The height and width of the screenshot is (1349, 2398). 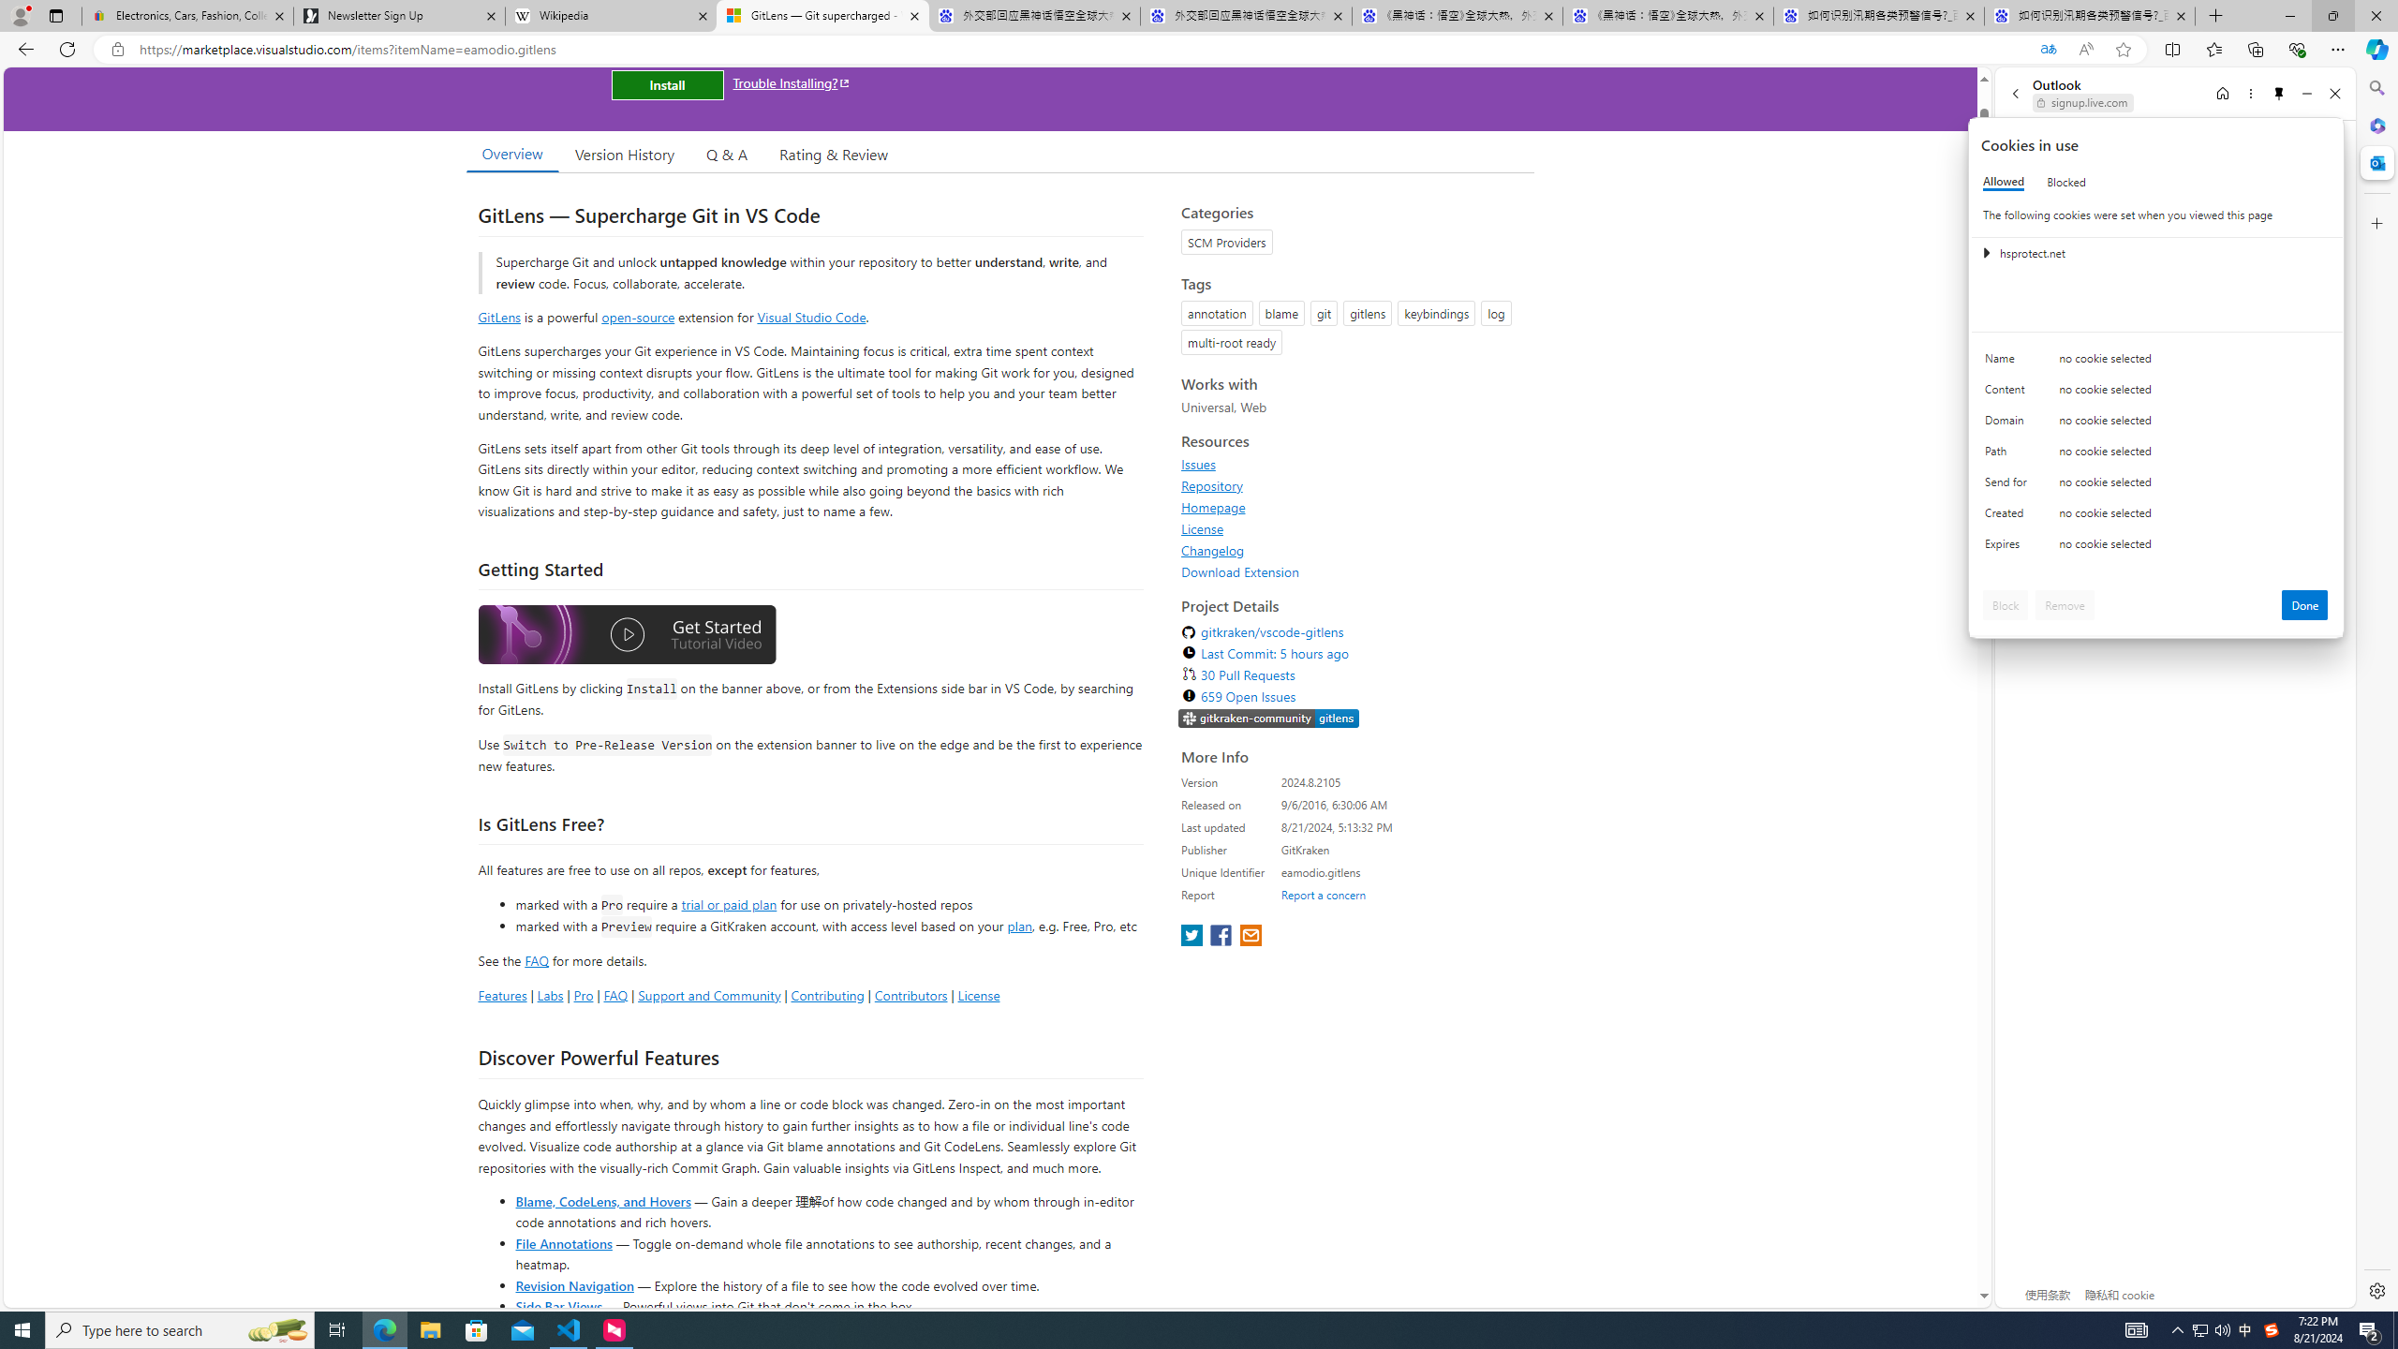 I want to click on 'Path', so click(x=2008, y=455).